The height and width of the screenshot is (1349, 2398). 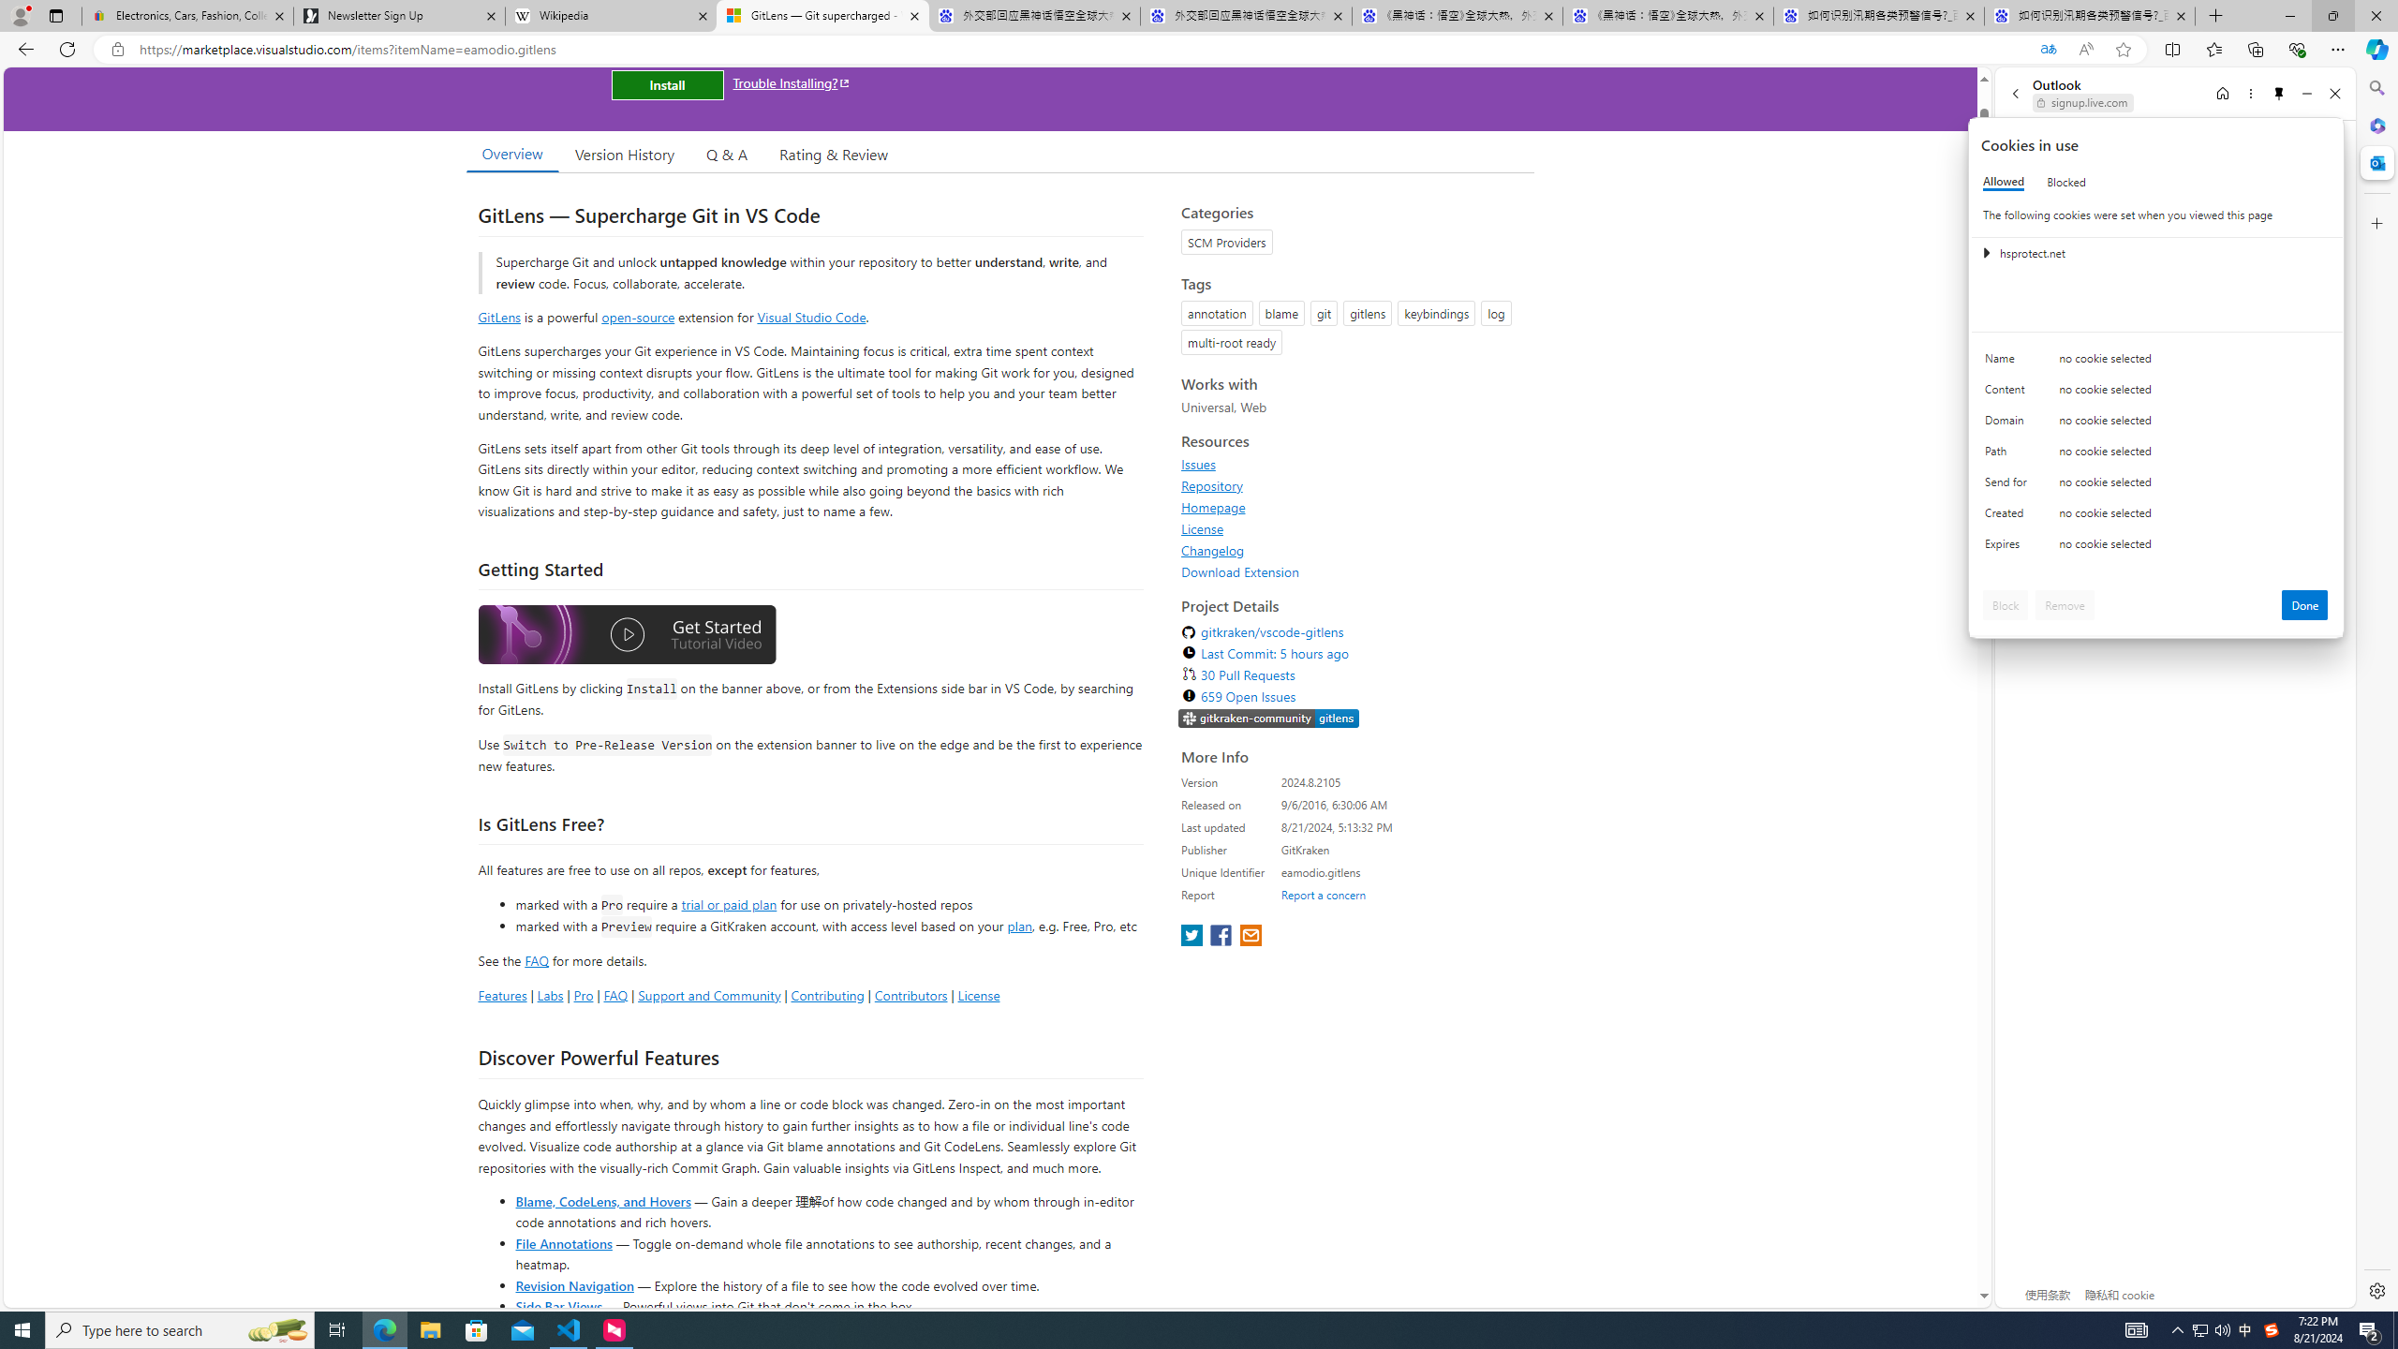 I want to click on 'Path', so click(x=2008, y=455).